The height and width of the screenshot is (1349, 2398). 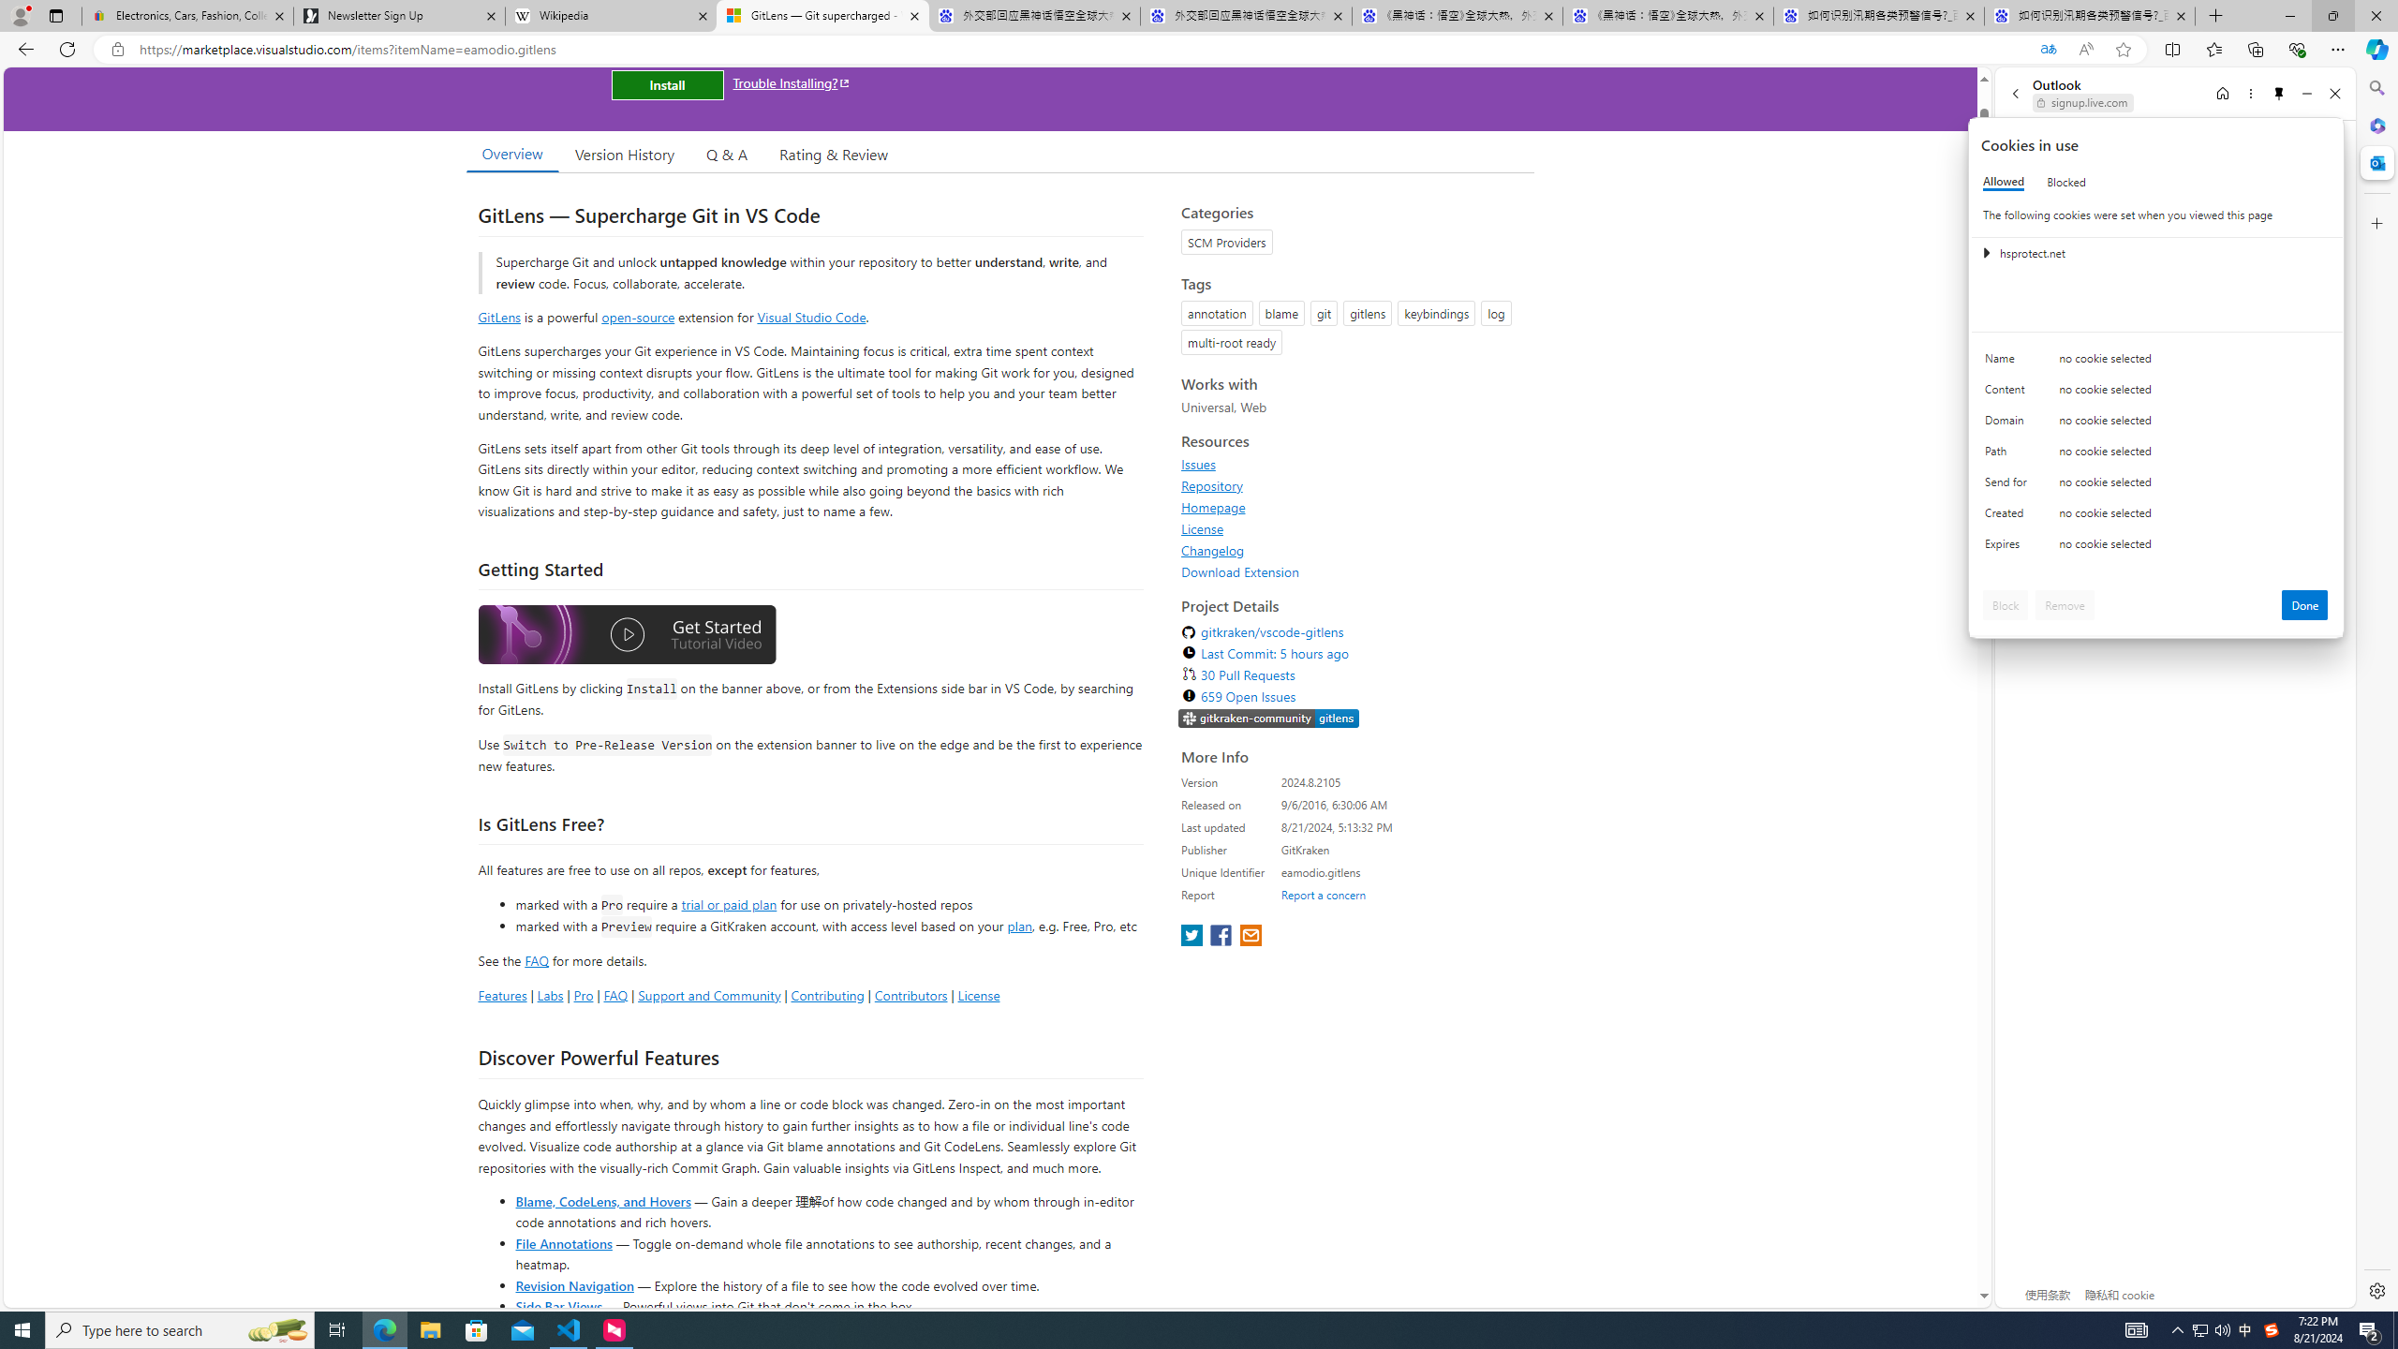 I want to click on 'Path', so click(x=2008, y=455).